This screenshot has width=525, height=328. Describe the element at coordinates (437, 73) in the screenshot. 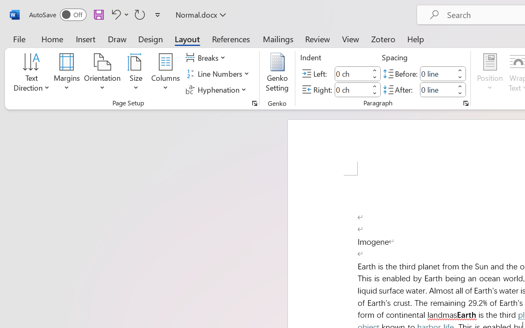

I see `'Spacing Before'` at that location.